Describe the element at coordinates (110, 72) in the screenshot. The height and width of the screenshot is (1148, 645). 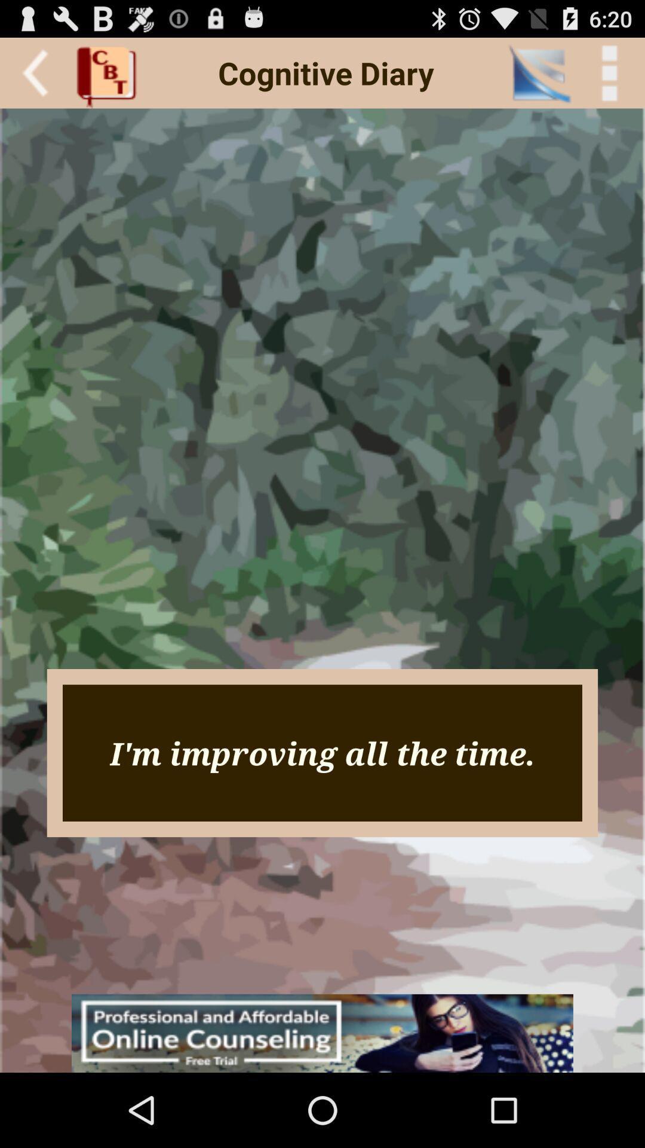
I see `the item to the left of the cognitive diary icon` at that location.